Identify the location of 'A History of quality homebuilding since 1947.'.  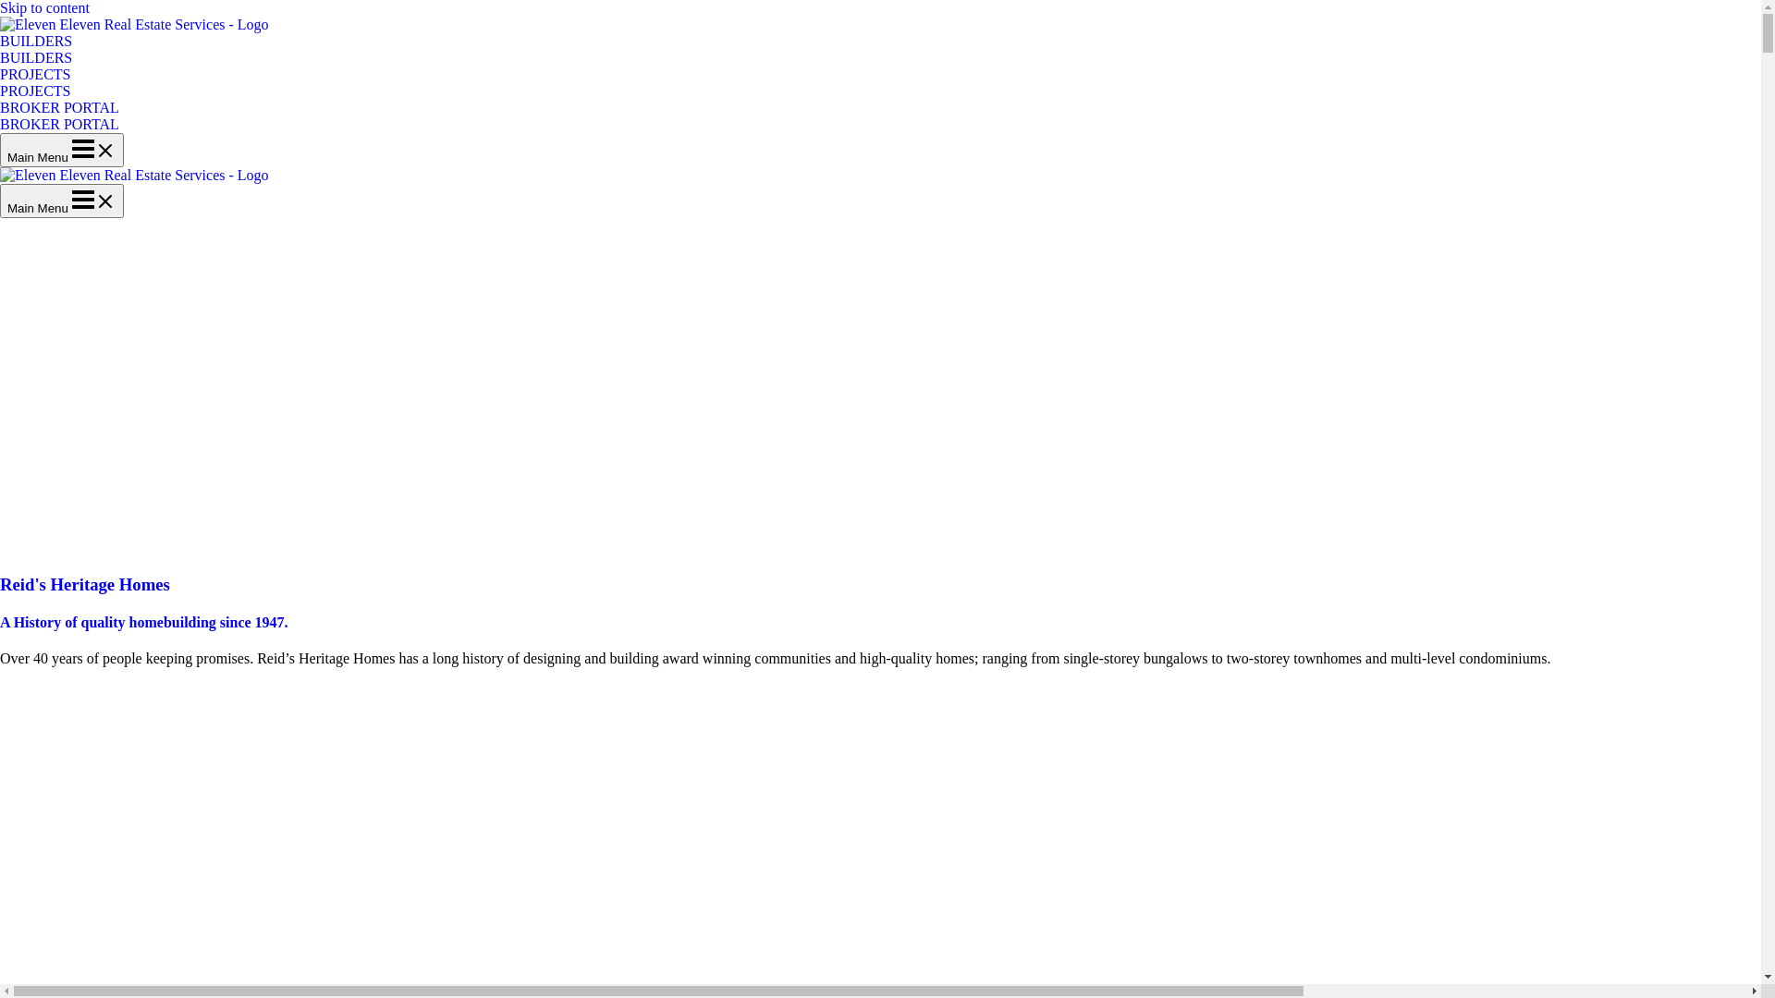
(0, 622).